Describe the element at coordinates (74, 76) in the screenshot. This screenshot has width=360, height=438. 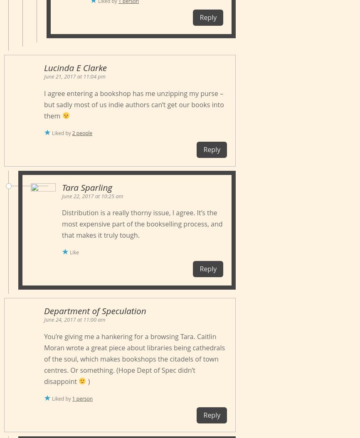
I see `'June 21, 2017 at 11:04 pm'` at that location.